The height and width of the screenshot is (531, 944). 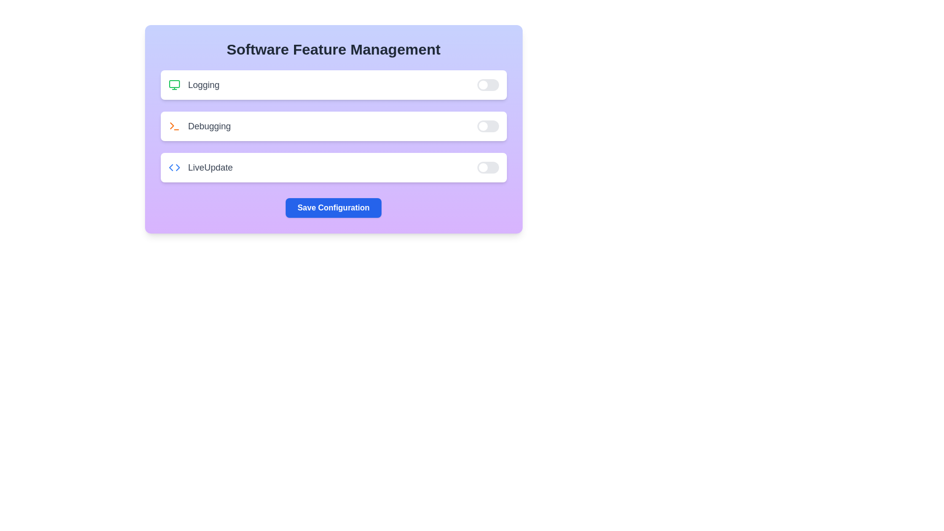 What do you see at coordinates (333, 207) in the screenshot?
I see `the 'Save Configuration' button` at bounding box center [333, 207].